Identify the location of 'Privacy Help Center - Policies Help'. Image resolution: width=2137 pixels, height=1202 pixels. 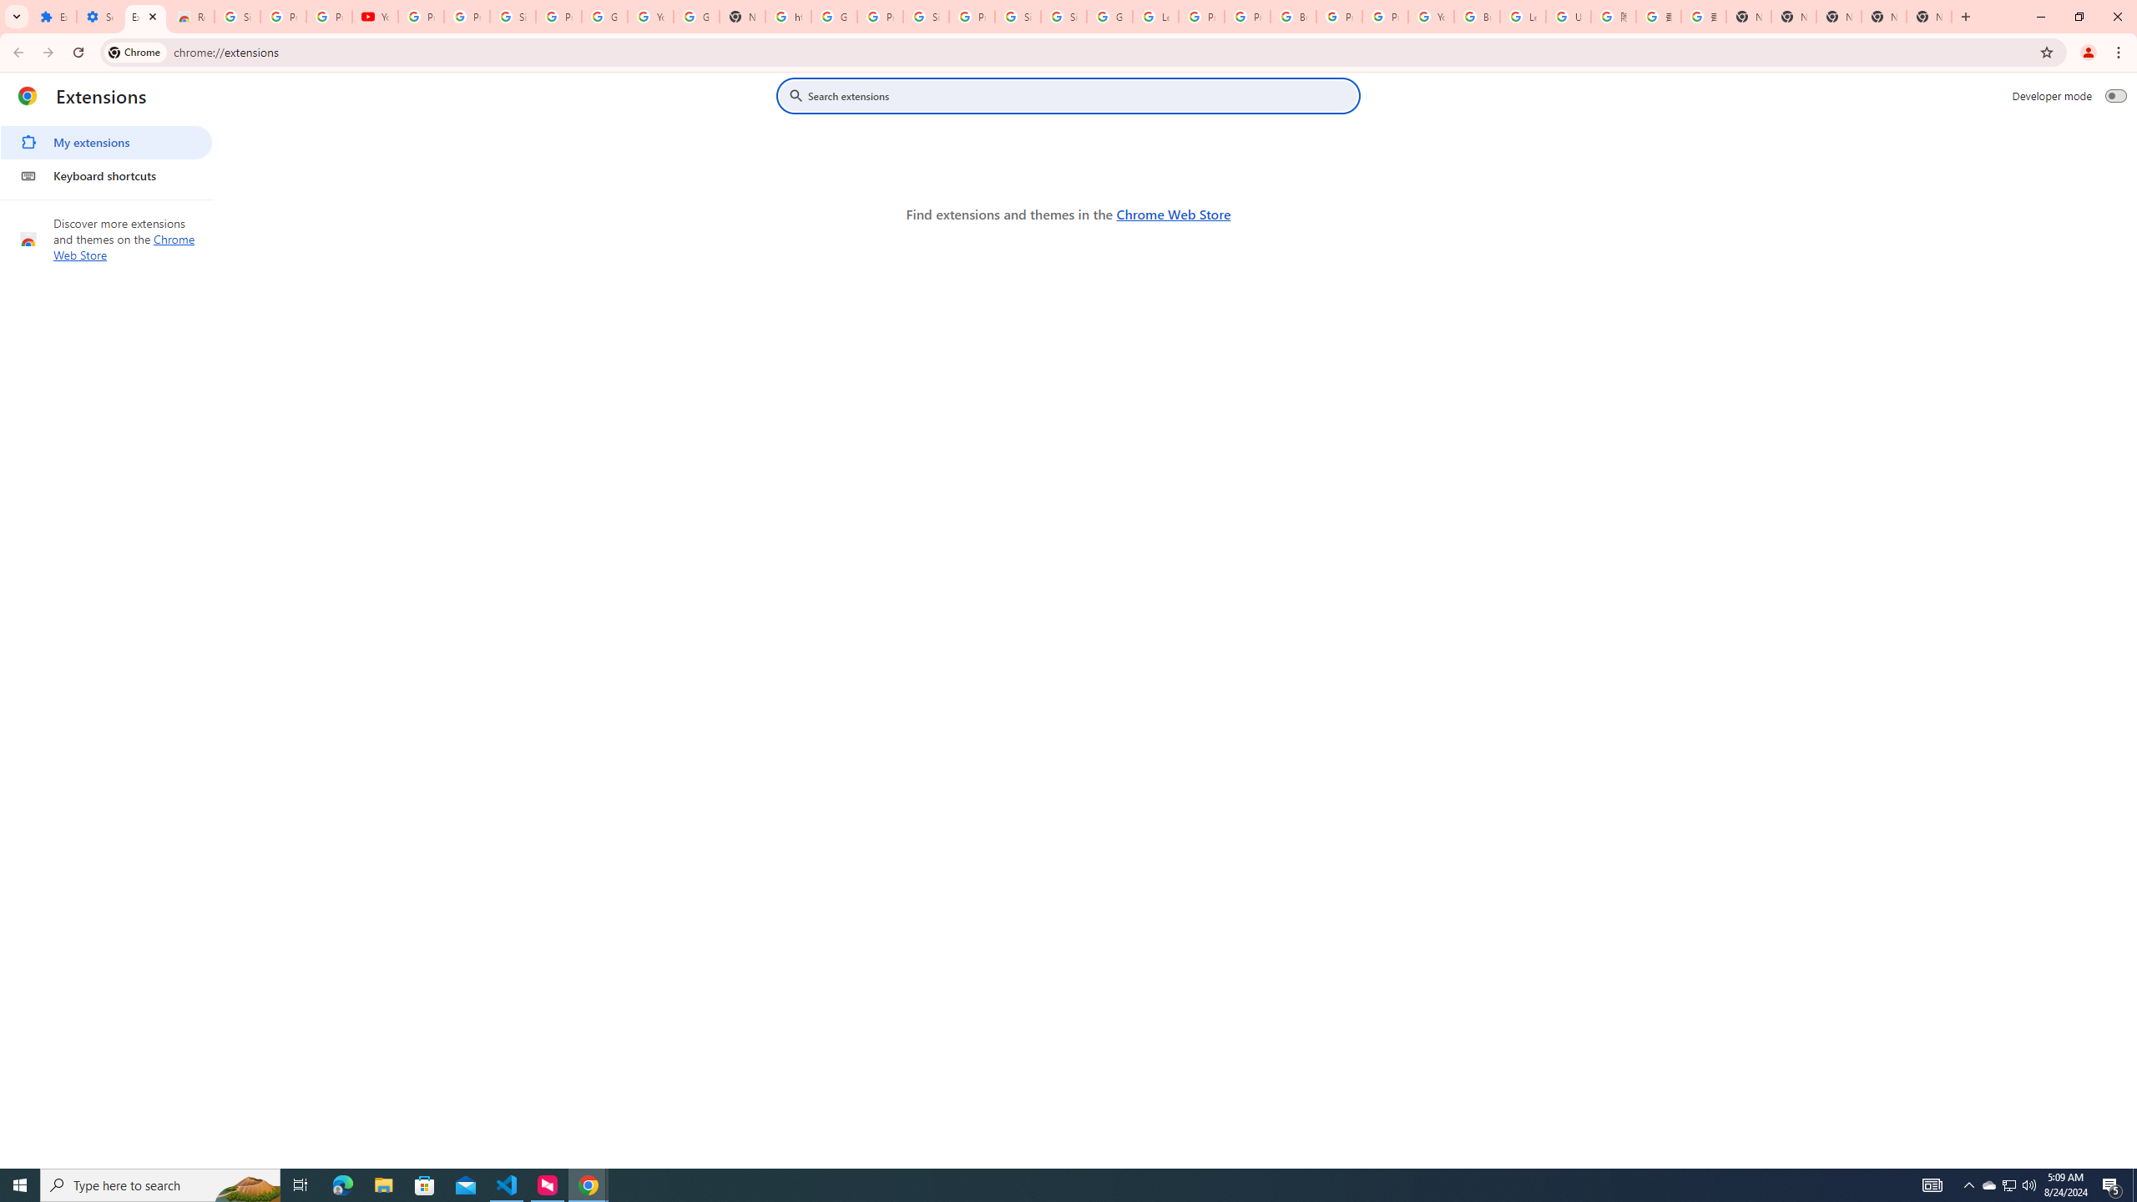
(1248, 16).